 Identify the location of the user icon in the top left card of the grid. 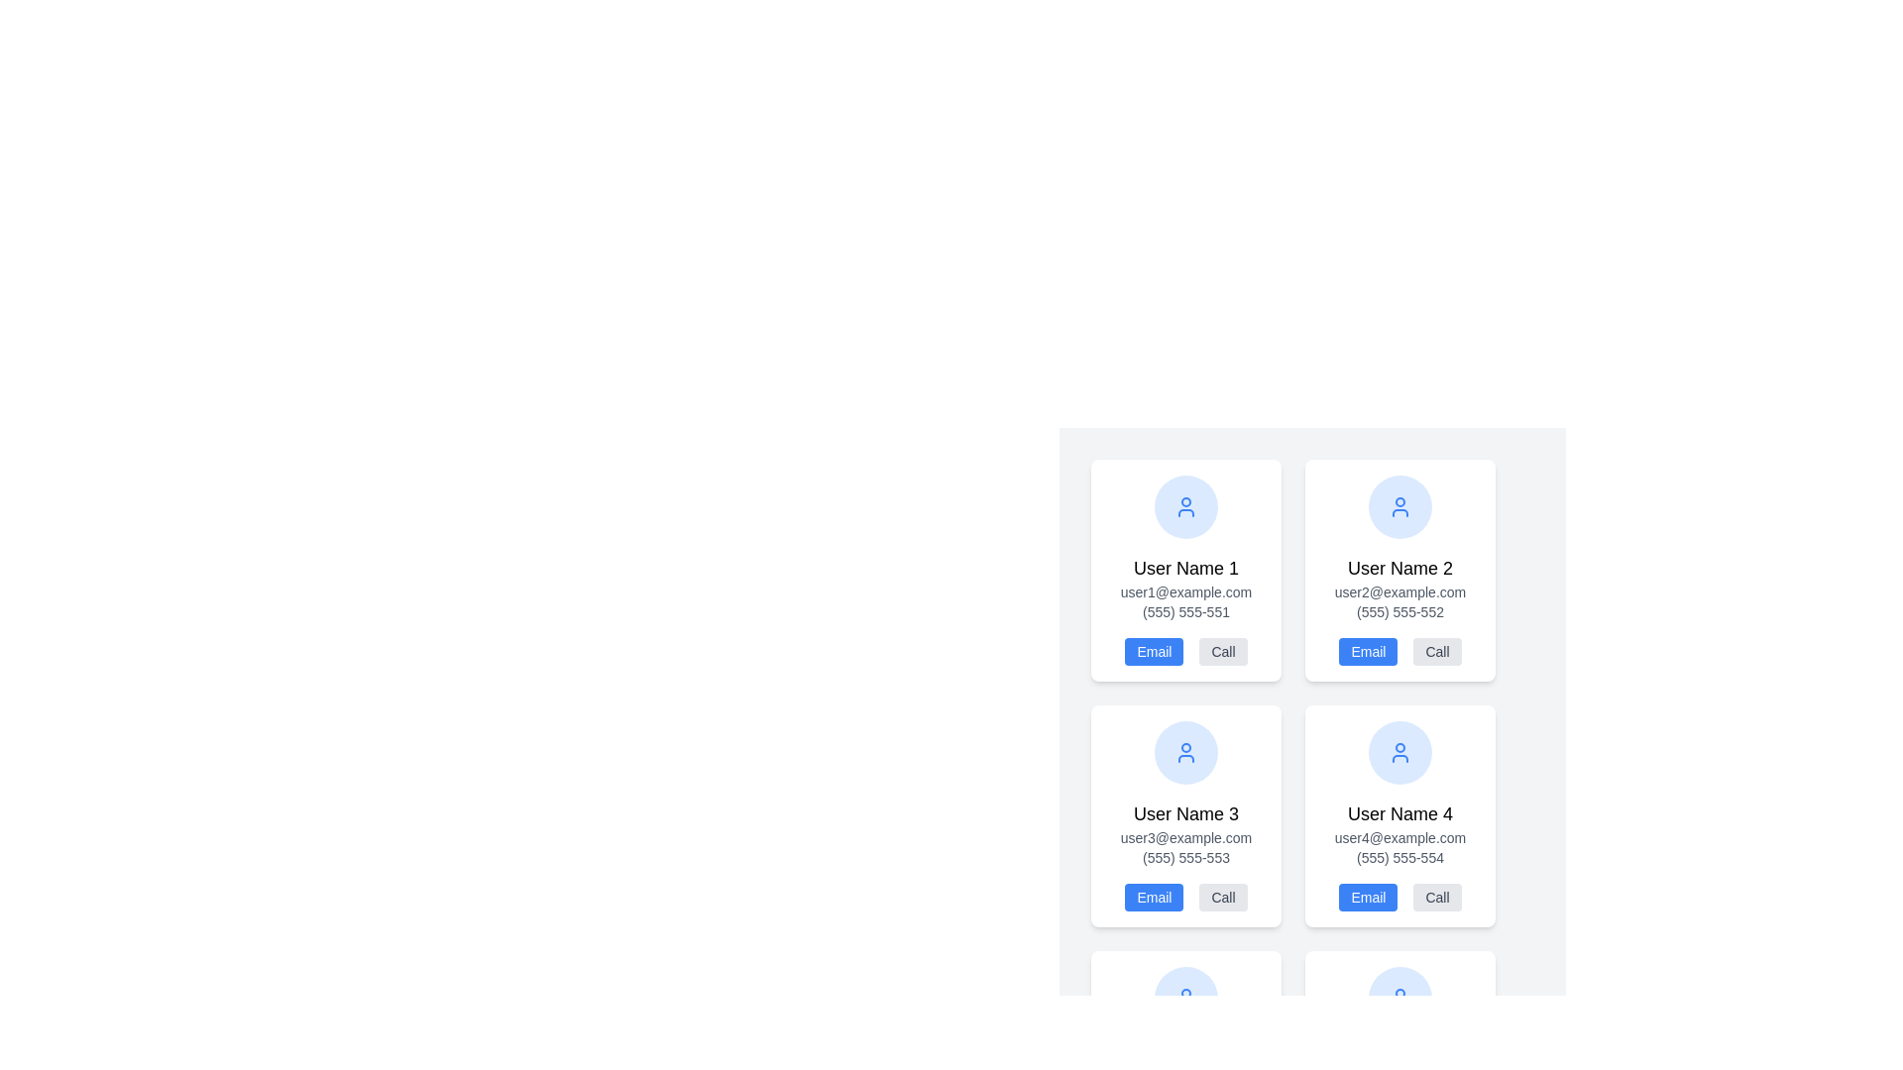
(1185, 506).